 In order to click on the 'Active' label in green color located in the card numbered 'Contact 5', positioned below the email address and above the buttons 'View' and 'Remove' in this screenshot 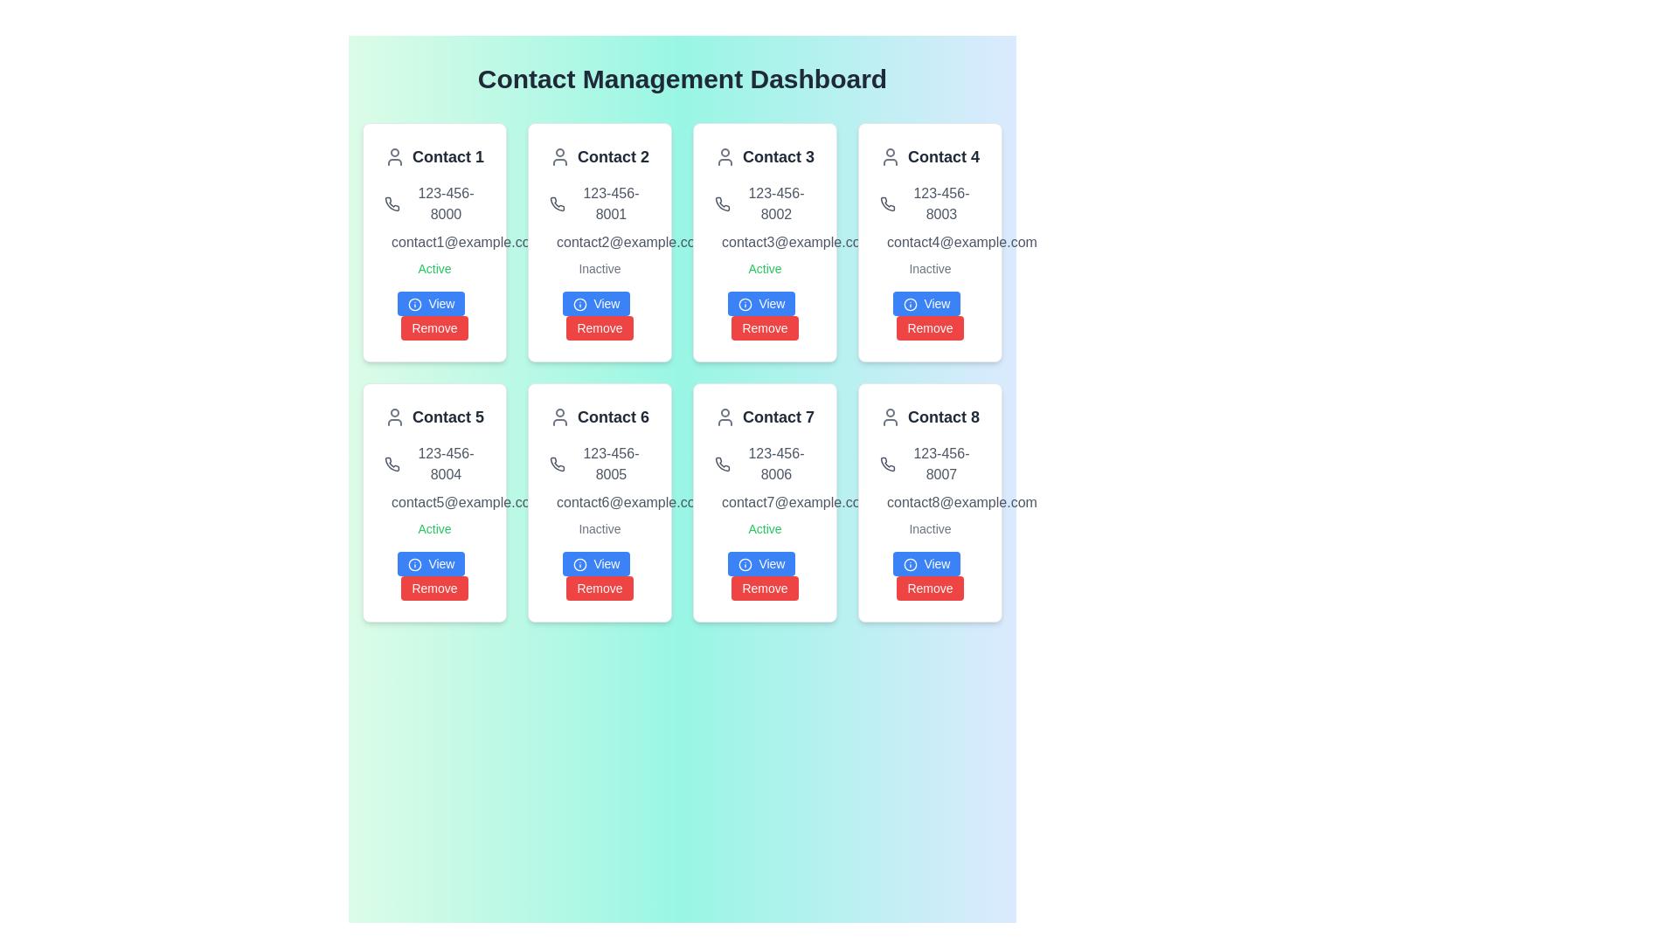, I will do `click(434, 527)`.